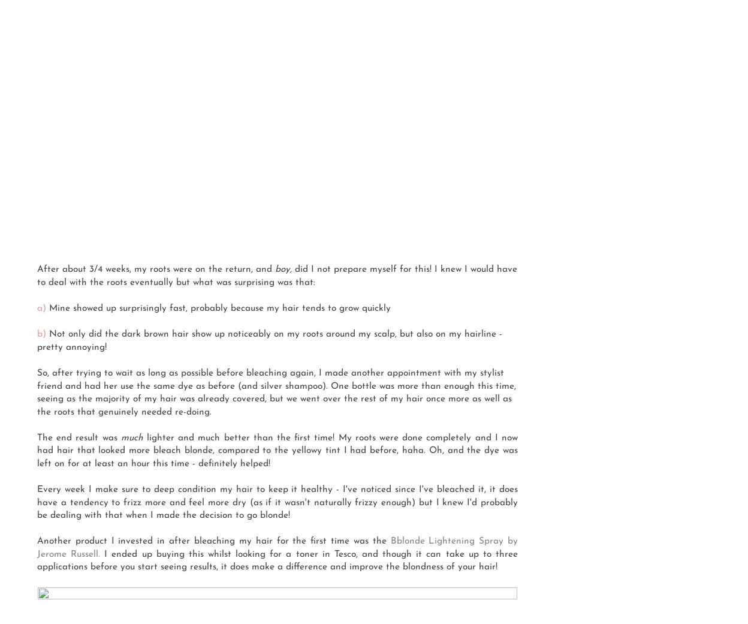 This screenshot has height=624, width=748. What do you see at coordinates (270, 340) in the screenshot?
I see `'Not only did the dark brown hair show up noticeably on my roots around my scalp, but also on my hairline - pretty annoying!'` at bounding box center [270, 340].